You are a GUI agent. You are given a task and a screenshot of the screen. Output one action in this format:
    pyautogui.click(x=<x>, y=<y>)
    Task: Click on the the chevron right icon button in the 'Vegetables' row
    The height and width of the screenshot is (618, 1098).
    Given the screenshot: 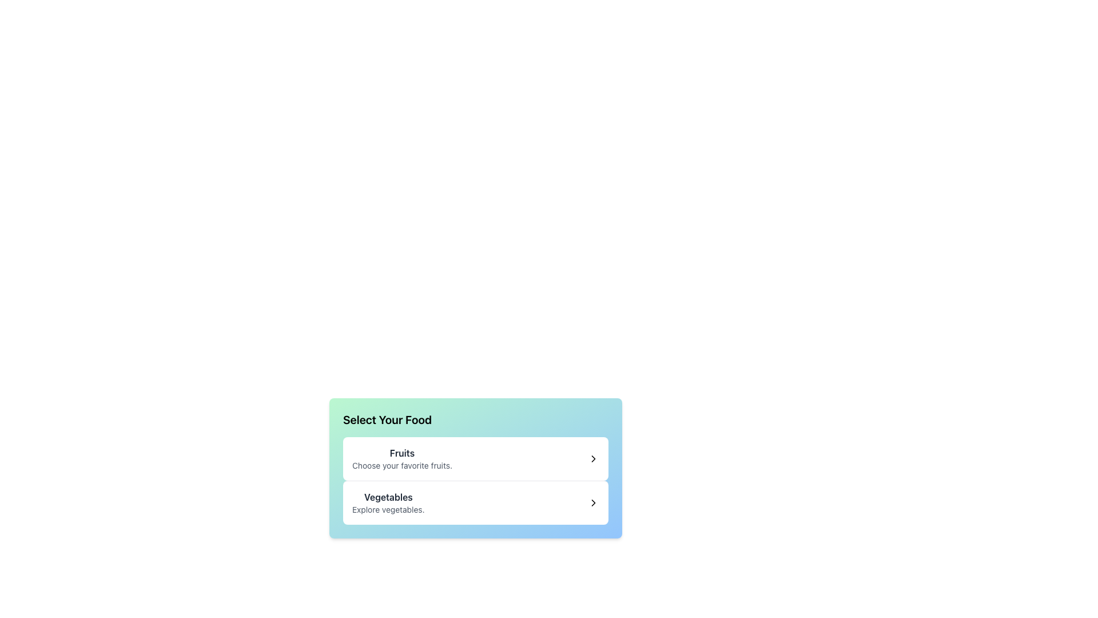 What is the action you would take?
    pyautogui.click(x=593, y=502)
    